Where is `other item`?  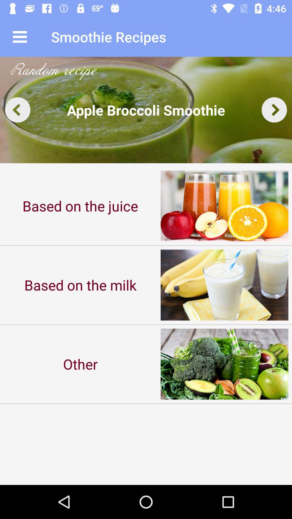
other item is located at coordinates (80, 364).